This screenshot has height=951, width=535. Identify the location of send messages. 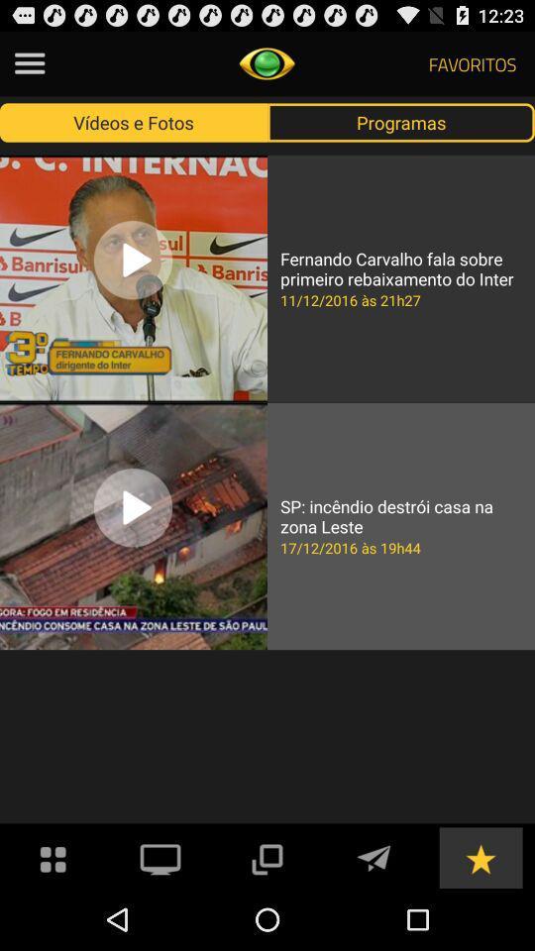
(374, 856).